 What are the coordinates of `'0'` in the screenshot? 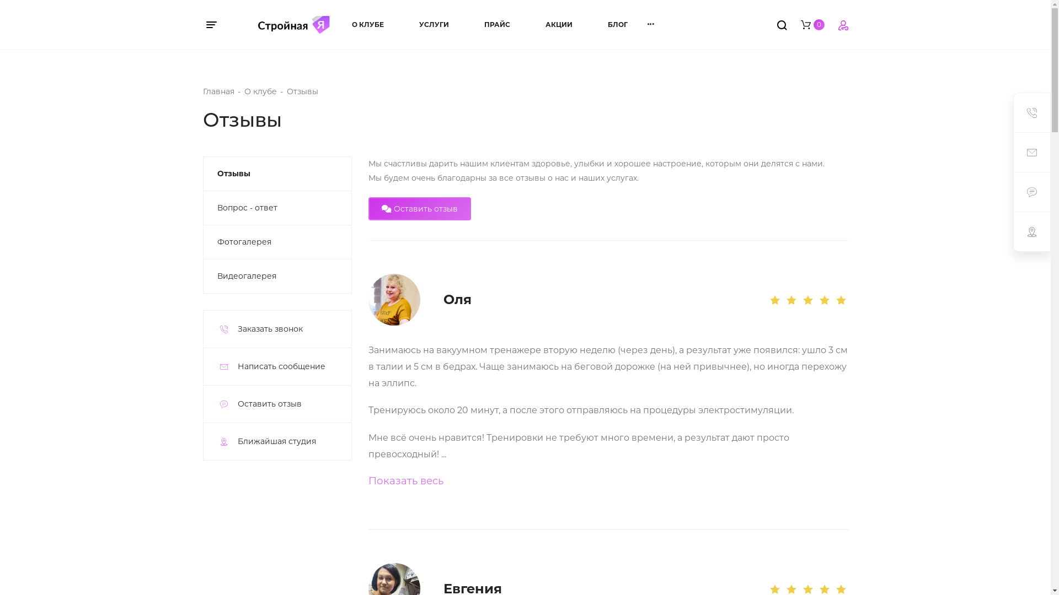 It's located at (812, 24).